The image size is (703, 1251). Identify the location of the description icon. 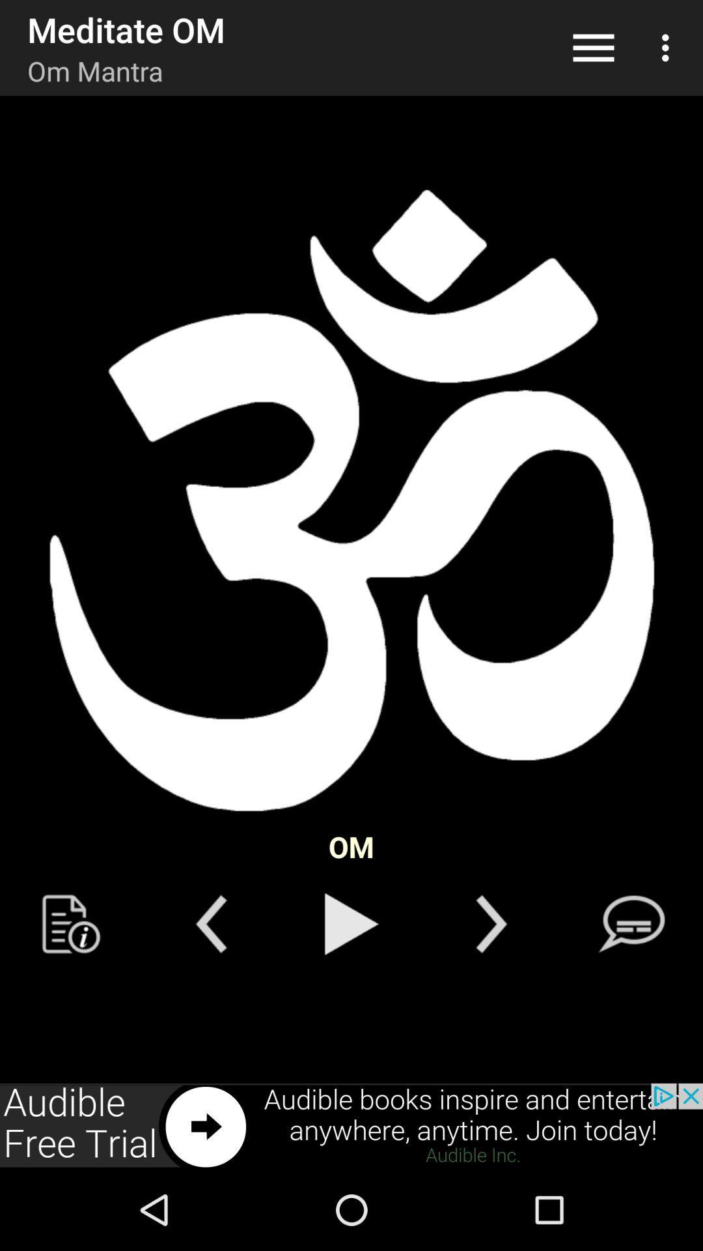
(71, 923).